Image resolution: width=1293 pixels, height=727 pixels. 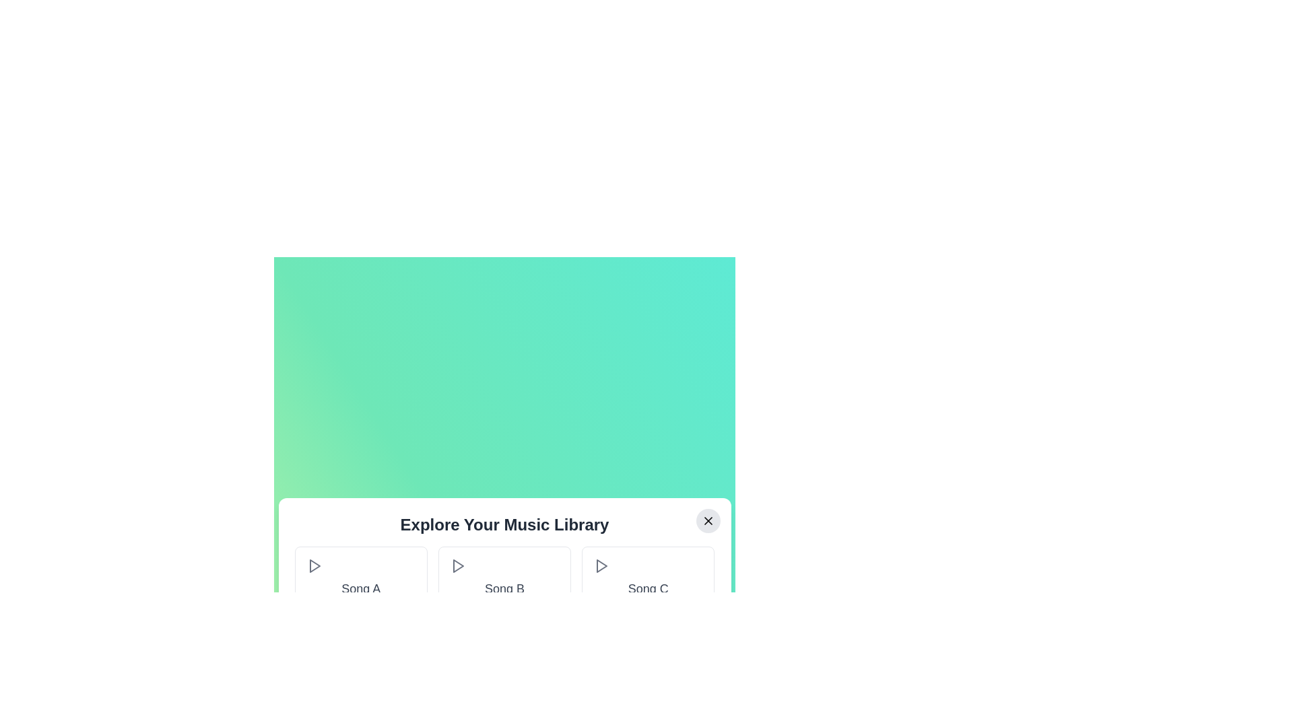 What do you see at coordinates (707, 520) in the screenshot?
I see `the close button to dismiss the dialog` at bounding box center [707, 520].